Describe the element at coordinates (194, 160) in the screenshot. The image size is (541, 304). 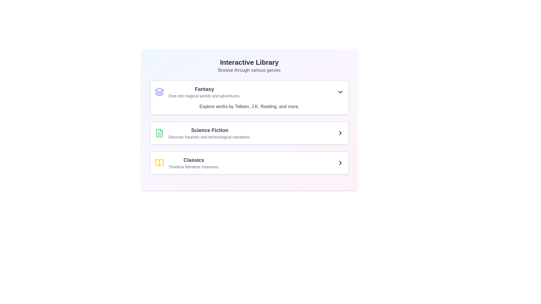
I see `the title text element for the 'Classics' section, which serves as a heading indicating the nature of this category in the interactive library` at that location.